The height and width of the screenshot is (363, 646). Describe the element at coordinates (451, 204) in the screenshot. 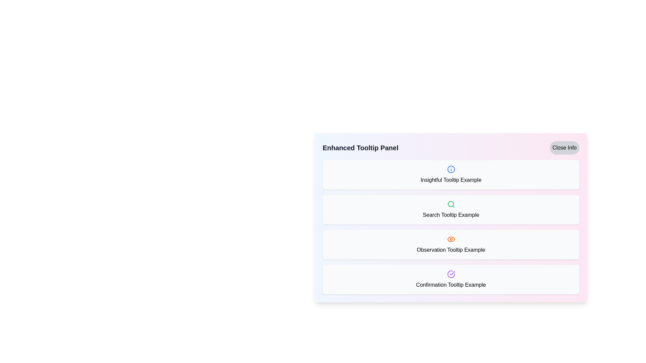

I see `the search icon with a circular magnifying glass symbol, featuring a green outline, located above the 'Search Tooltip Example' text in the 'Enhanced Tooltip Panel'` at that location.